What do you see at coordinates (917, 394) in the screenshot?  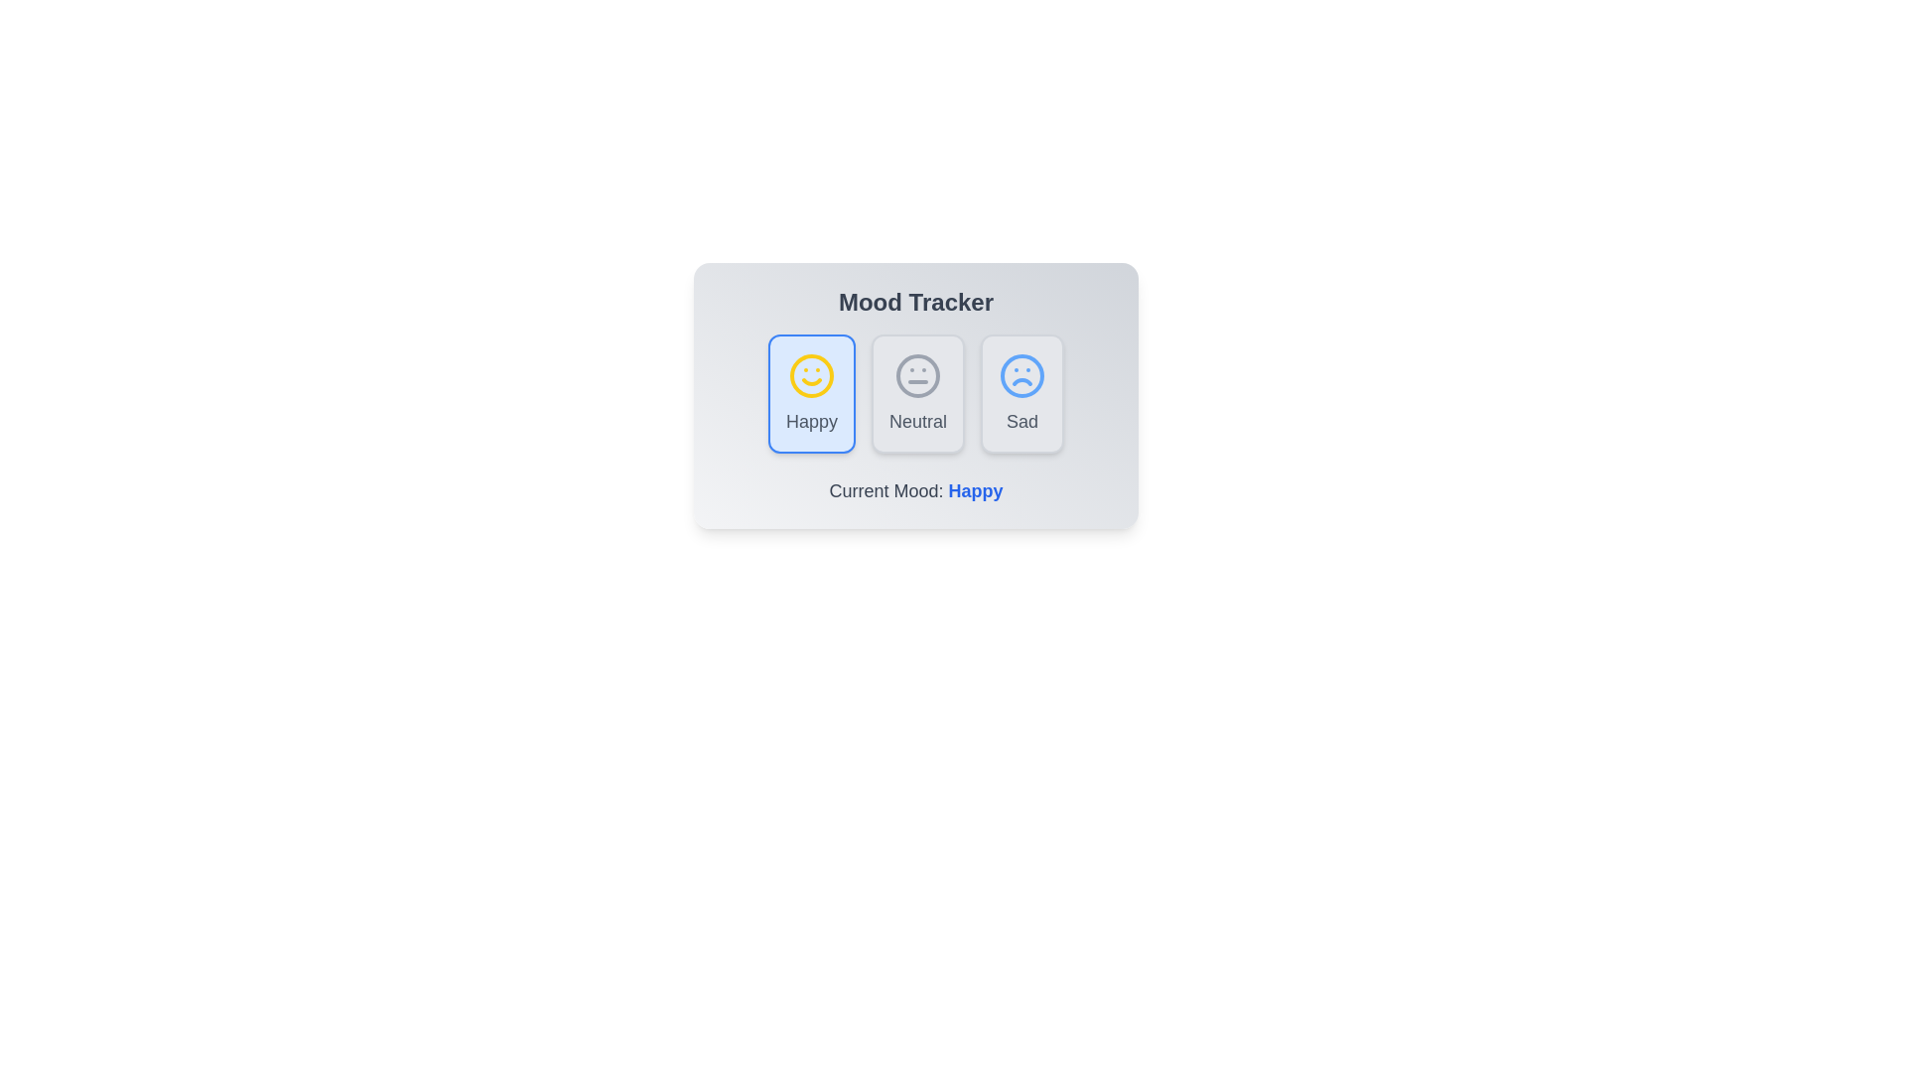 I see `the mood button labeled Neutral` at bounding box center [917, 394].